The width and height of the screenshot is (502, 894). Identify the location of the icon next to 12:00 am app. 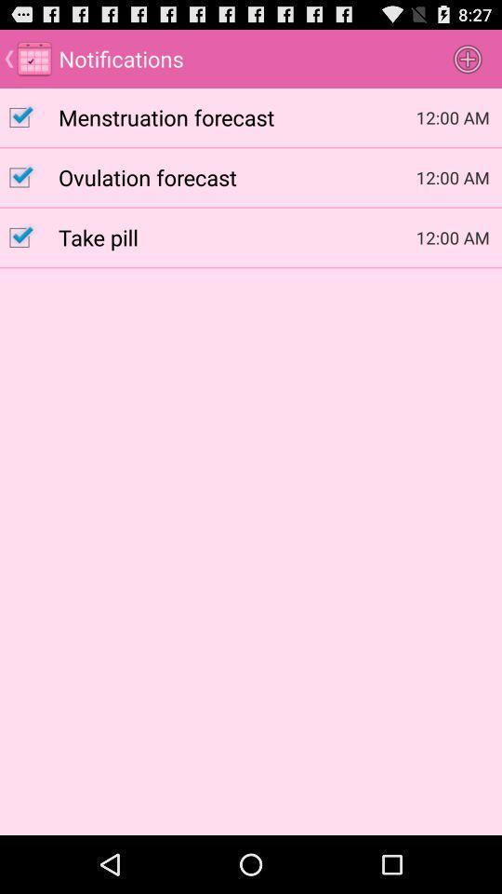
(237, 177).